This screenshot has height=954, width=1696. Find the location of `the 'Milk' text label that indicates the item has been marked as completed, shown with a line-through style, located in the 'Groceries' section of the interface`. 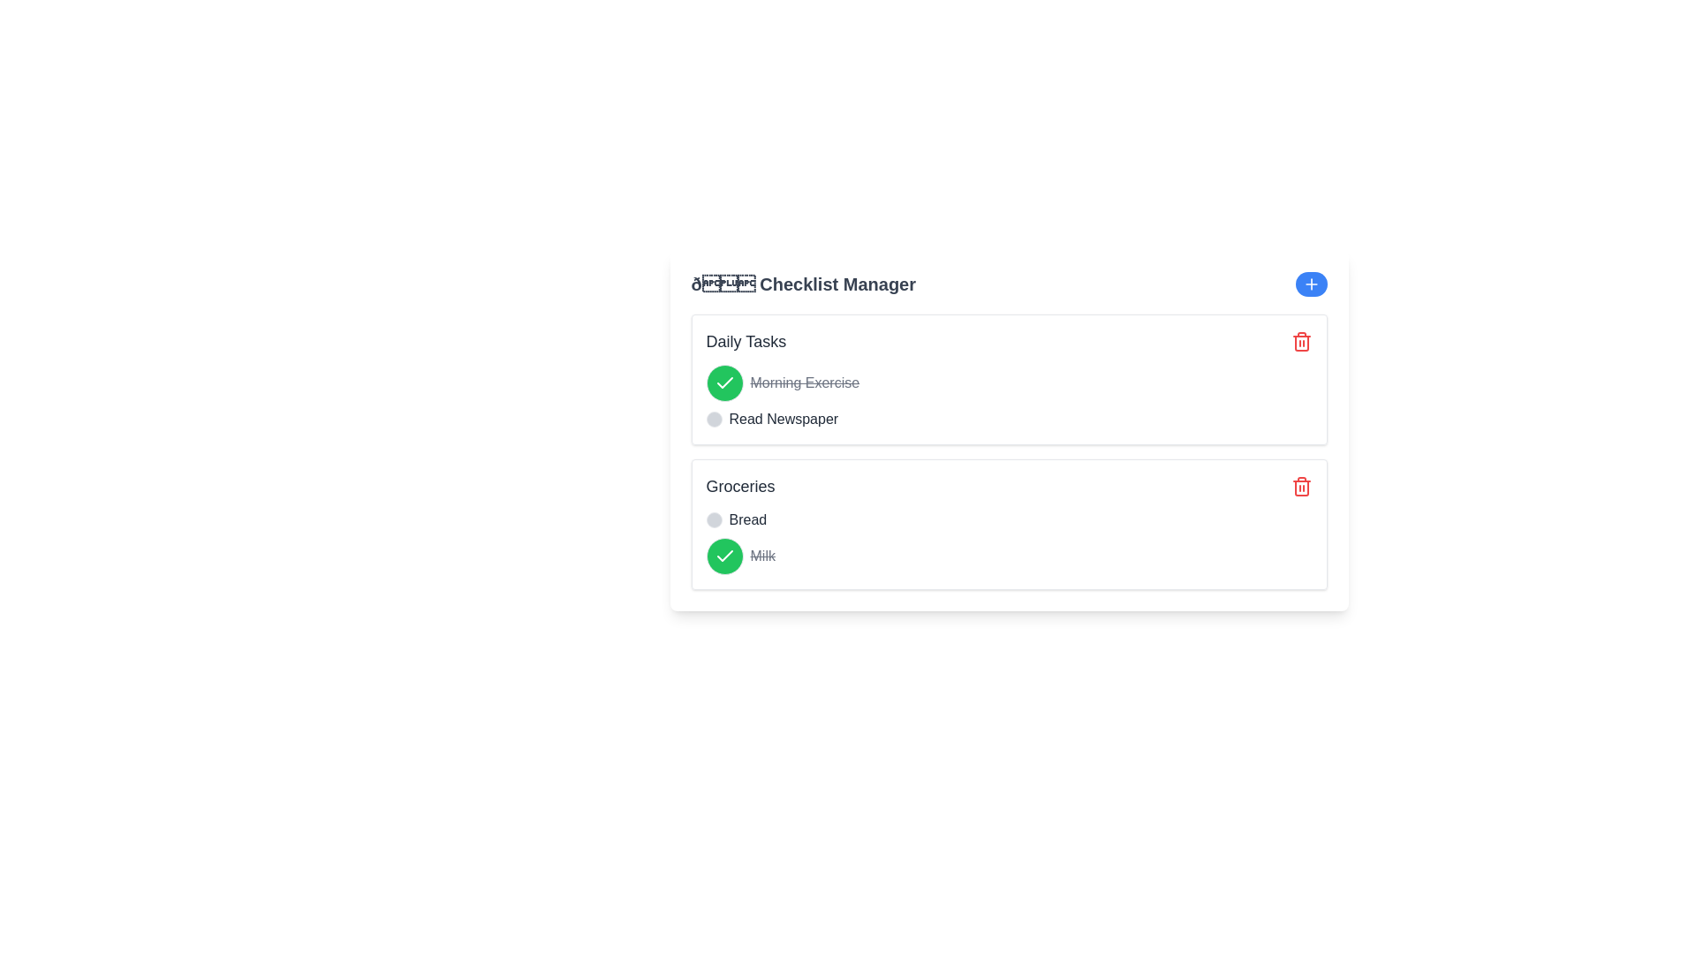

the 'Milk' text label that indicates the item has been marked as completed, shown with a line-through style, located in the 'Groceries' section of the interface is located at coordinates (762, 555).